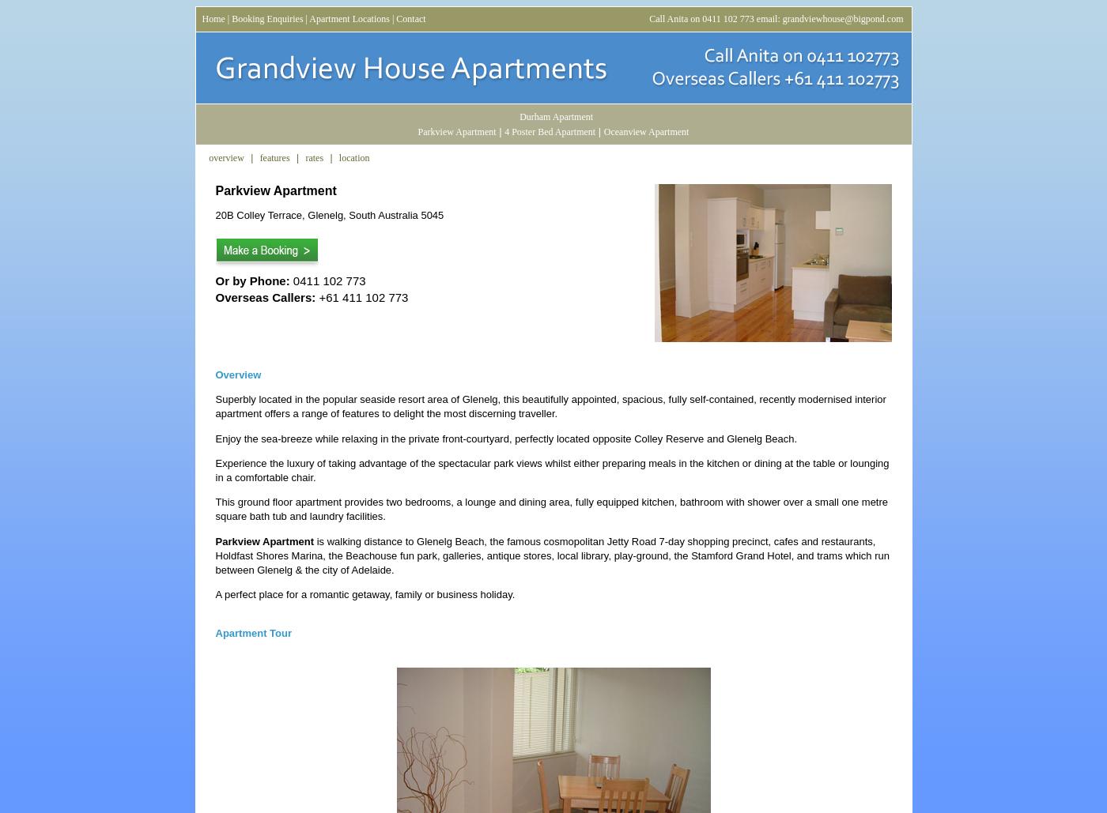  I want to click on 'Durham Apartment', so click(556, 116).